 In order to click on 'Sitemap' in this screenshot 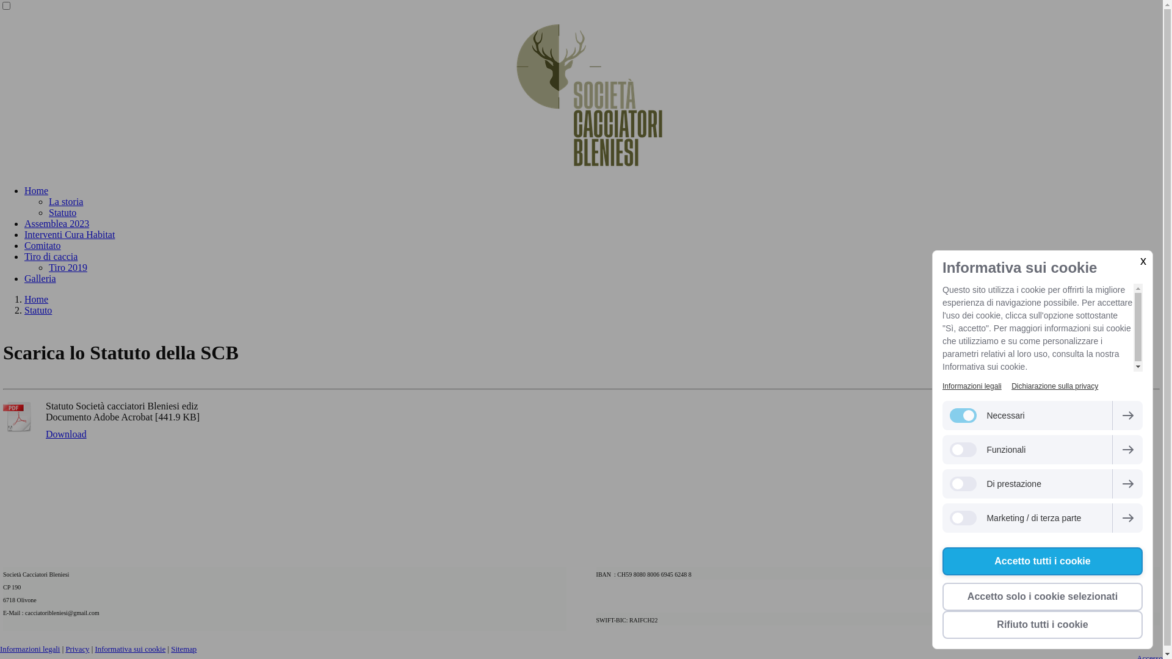, I will do `click(183, 649)`.